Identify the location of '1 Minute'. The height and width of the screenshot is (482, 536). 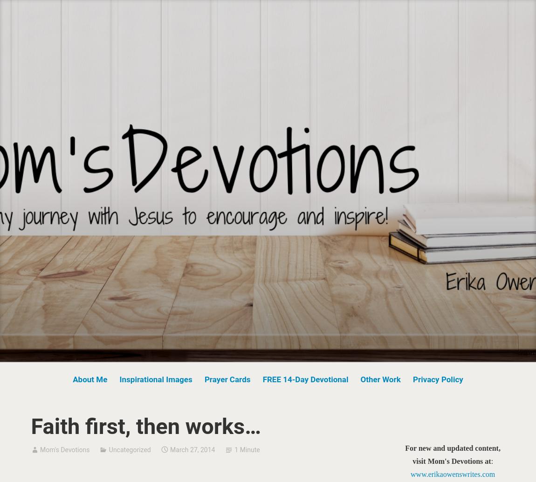
(247, 448).